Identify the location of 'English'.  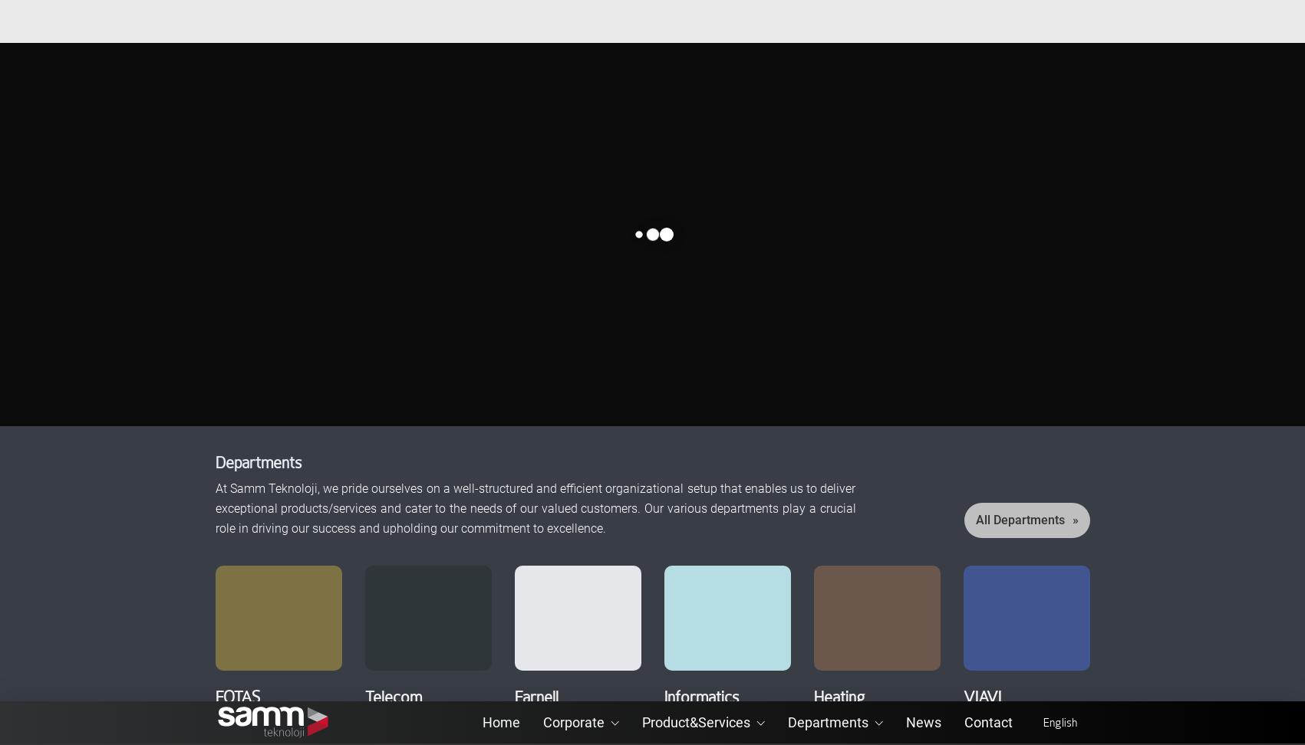
(1041, 20).